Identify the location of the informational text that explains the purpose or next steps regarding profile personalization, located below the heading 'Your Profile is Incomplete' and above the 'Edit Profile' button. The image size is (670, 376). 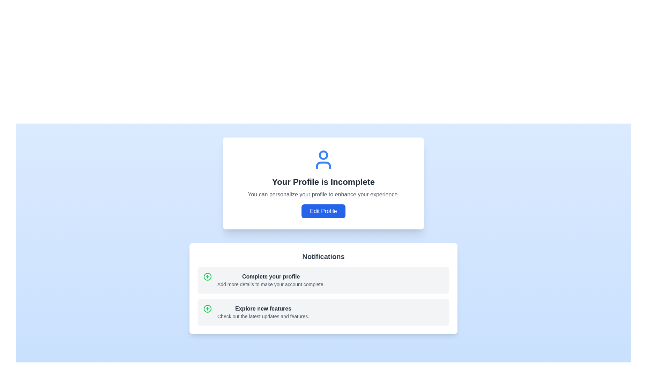
(323, 195).